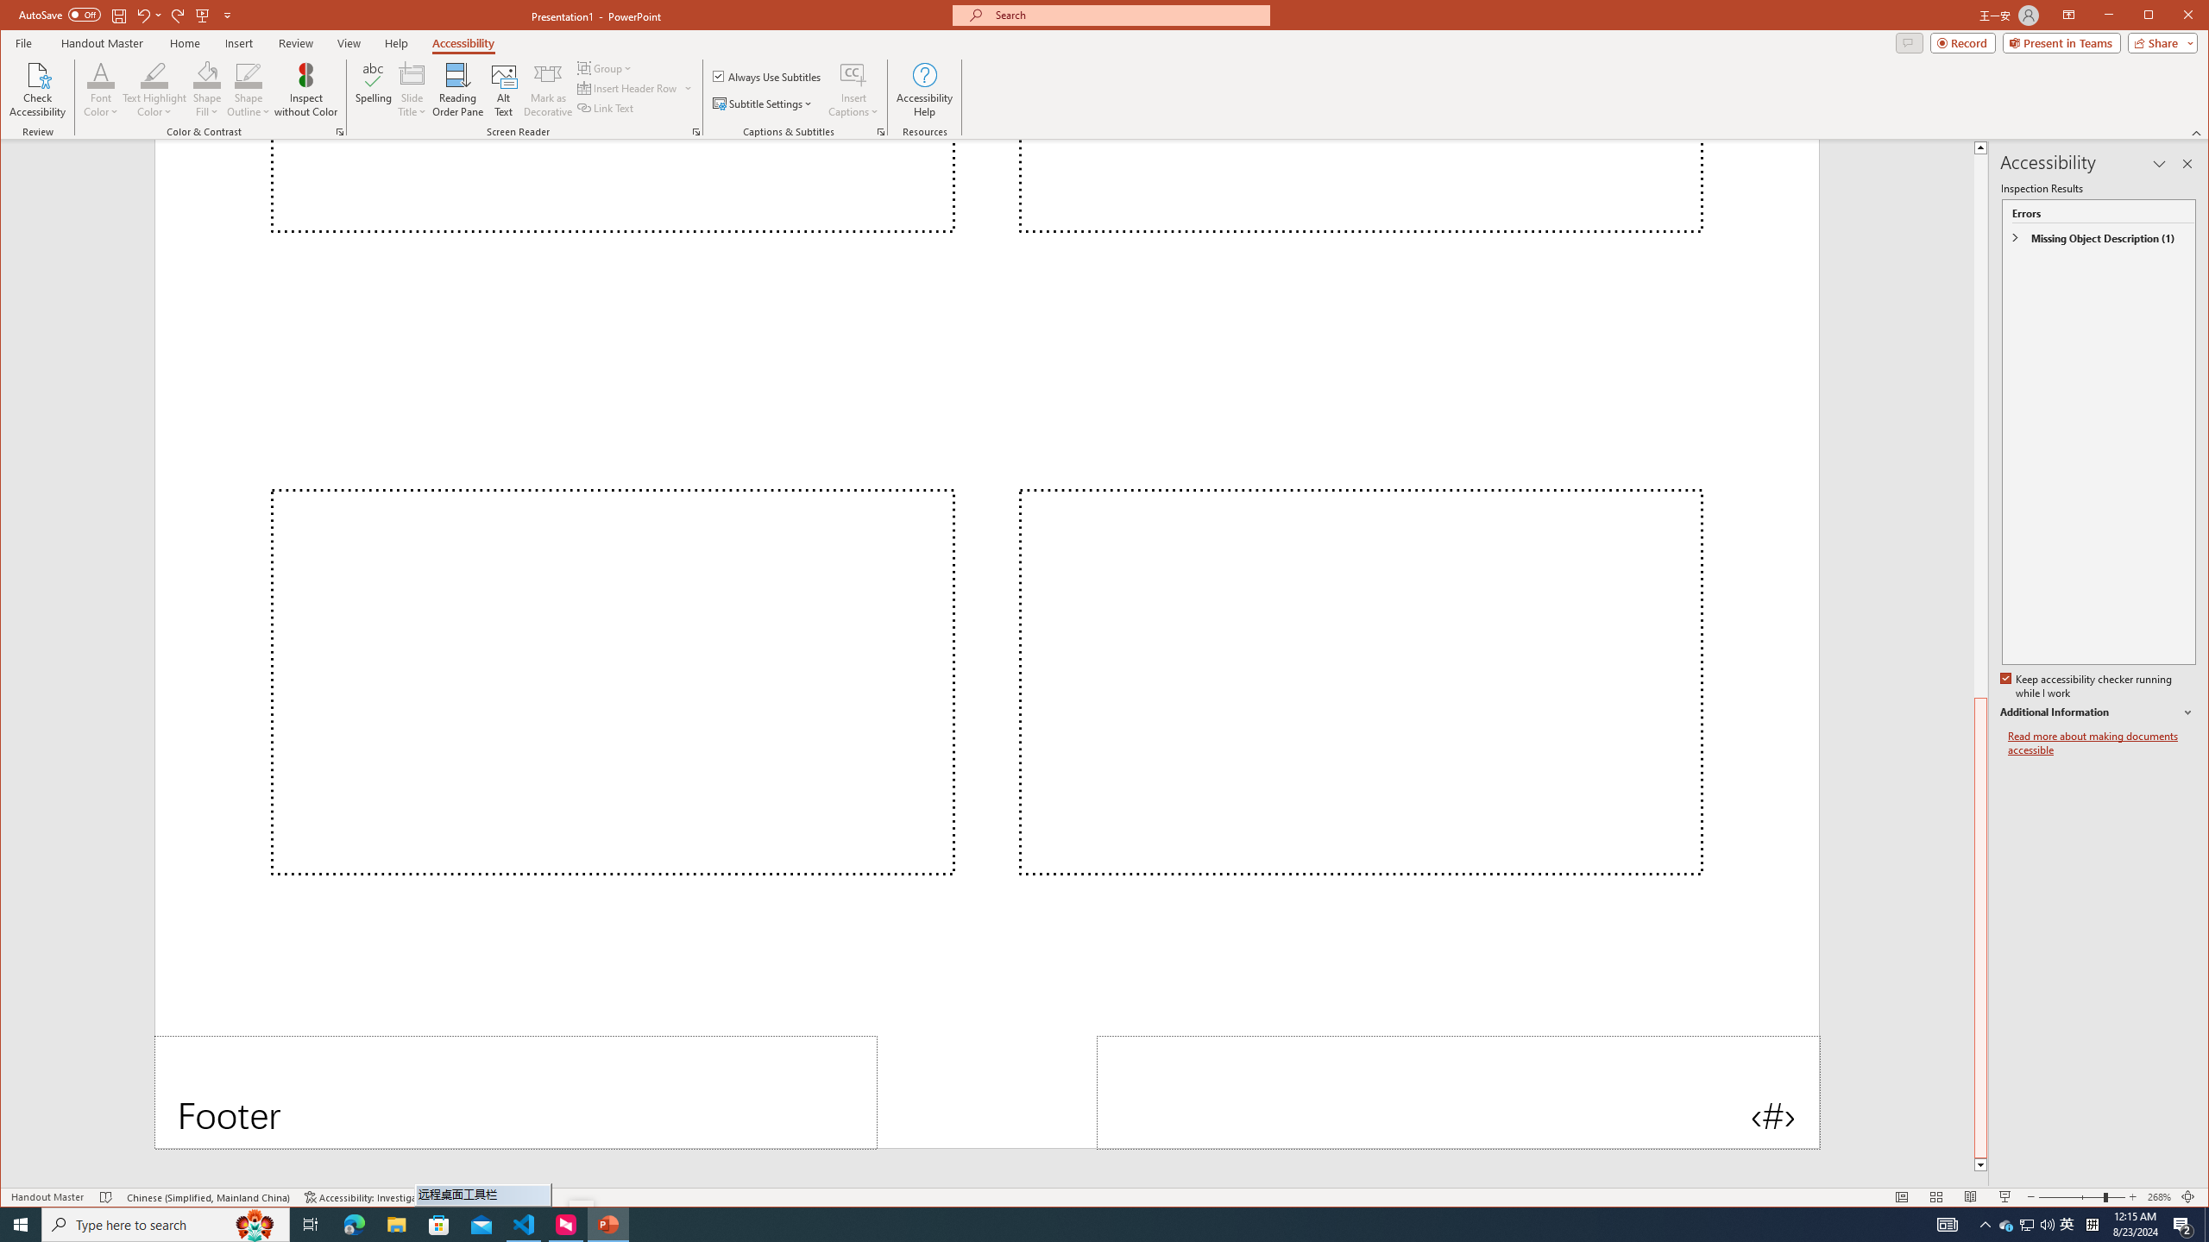 The height and width of the screenshot is (1242, 2209). I want to click on 'Shape Fill Orange, Accent 2', so click(207, 73).